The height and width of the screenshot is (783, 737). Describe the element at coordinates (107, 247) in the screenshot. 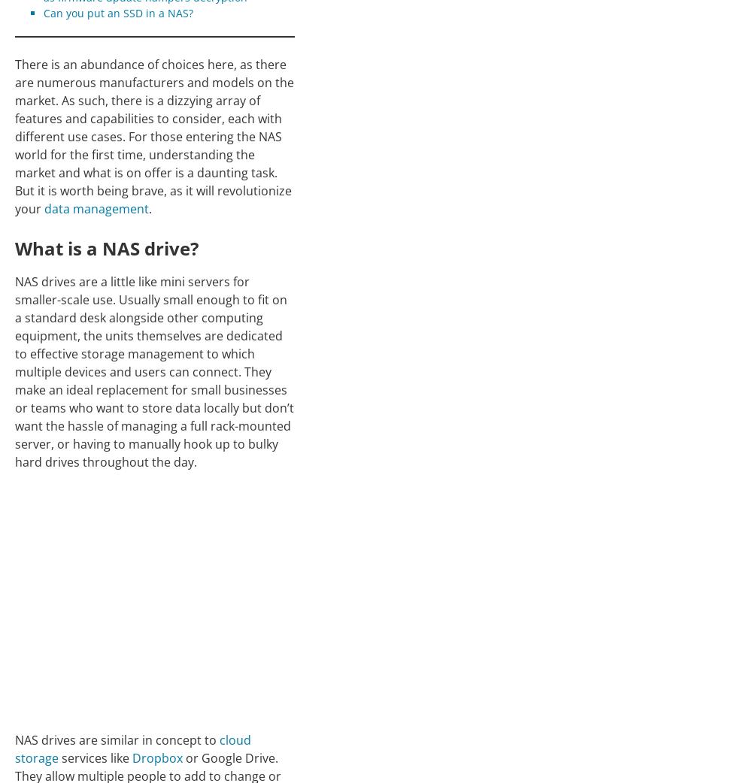

I see `'What is a NAS drive?'` at that location.